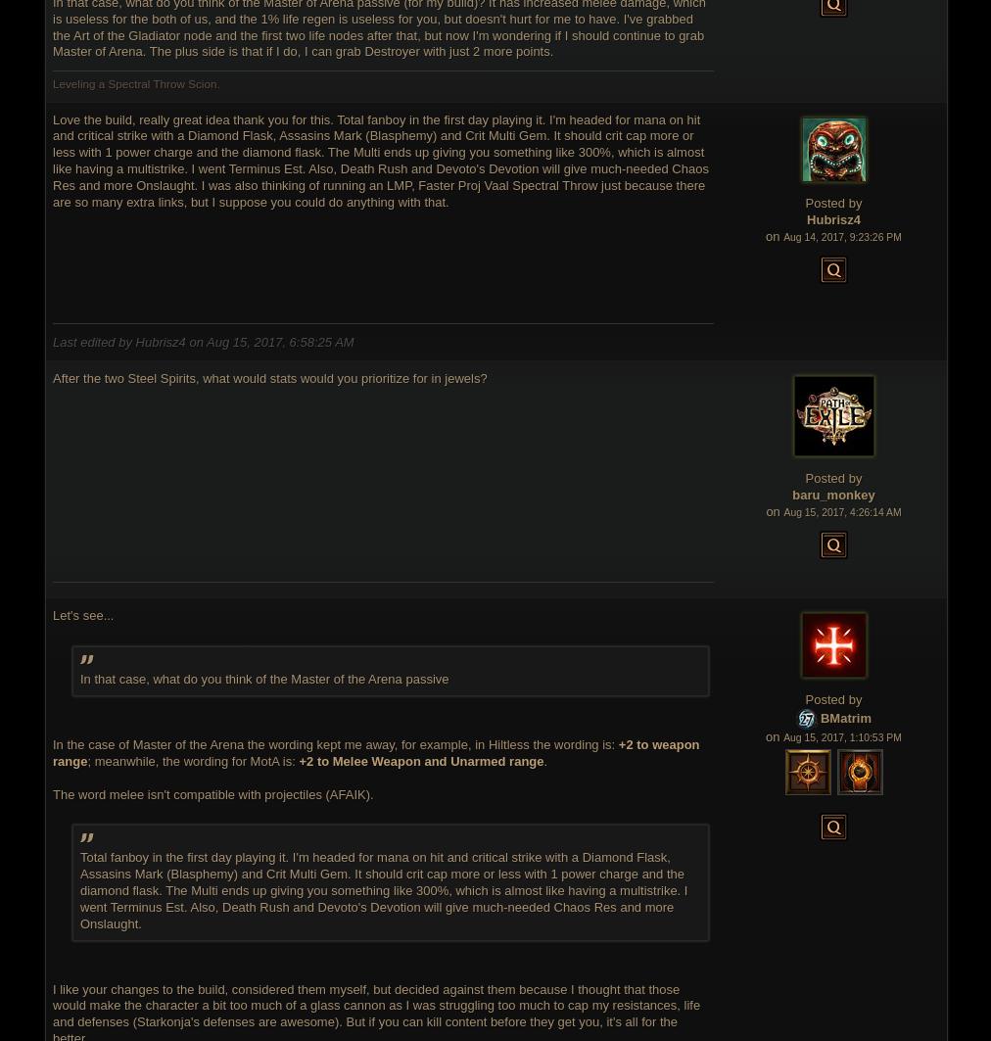 Image resolution: width=991 pixels, height=1041 pixels. What do you see at coordinates (52, 614) in the screenshot?
I see `'Let's see...'` at bounding box center [52, 614].